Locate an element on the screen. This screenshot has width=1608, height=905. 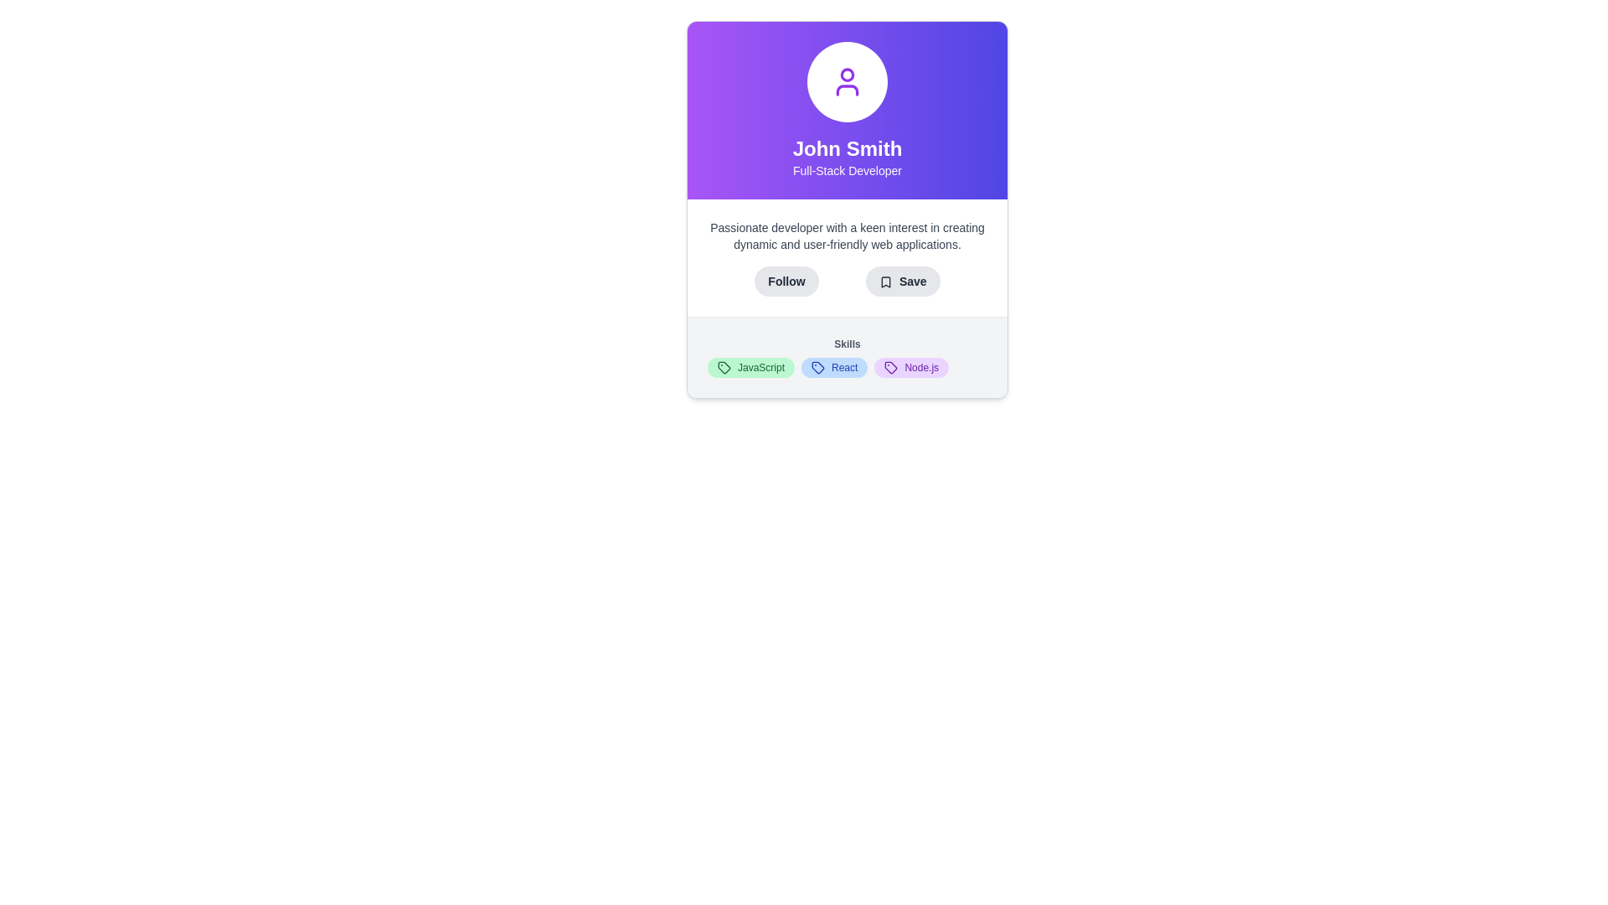
the 'Follow' button located below the text description 'Passionate developer with a keen interest in creating dynamic and user-friendly web applications.' is located at coordinates (848, 258).